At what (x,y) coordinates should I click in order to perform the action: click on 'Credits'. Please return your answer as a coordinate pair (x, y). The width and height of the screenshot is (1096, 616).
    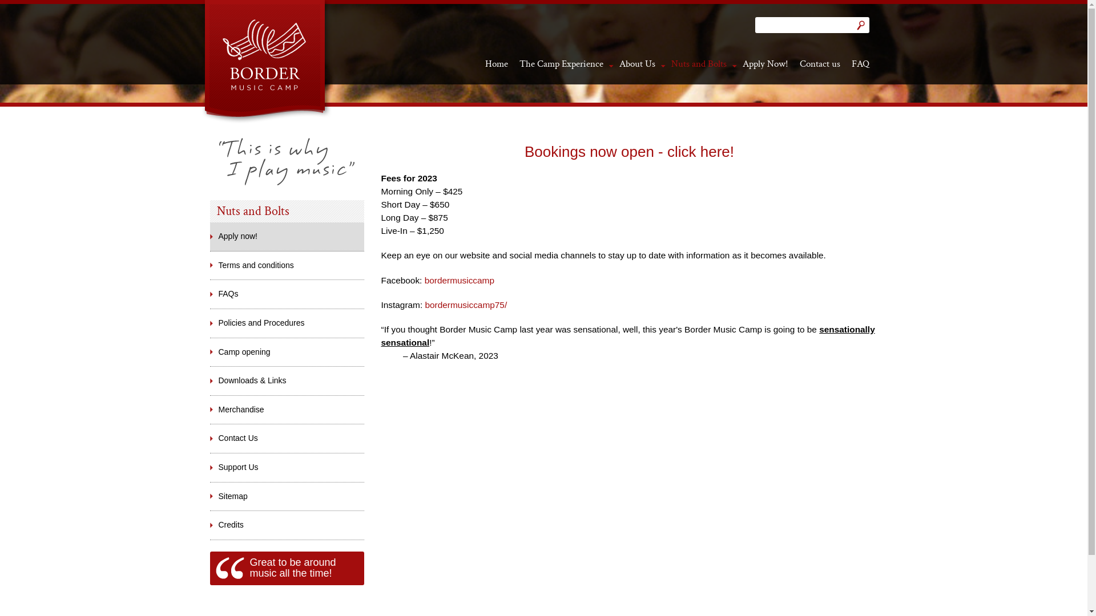
    Looking at the image, I should click on (287, 525).